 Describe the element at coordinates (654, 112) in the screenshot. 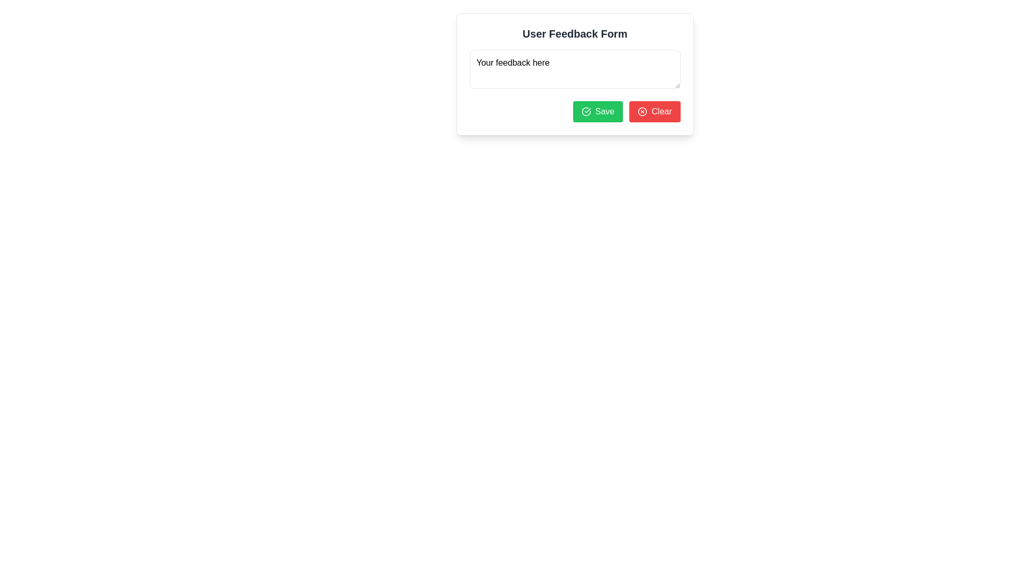

I see `the 'Clear' button in the bottom-right corner of the form to clear the input fields` at that location.